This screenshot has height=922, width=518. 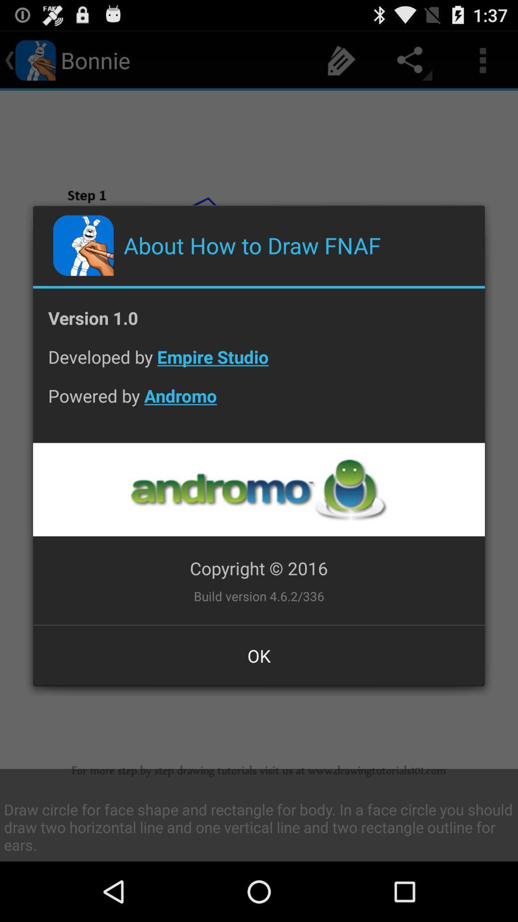 I want to click on the item above the powered by andromo app, so click(x=259, y=364).